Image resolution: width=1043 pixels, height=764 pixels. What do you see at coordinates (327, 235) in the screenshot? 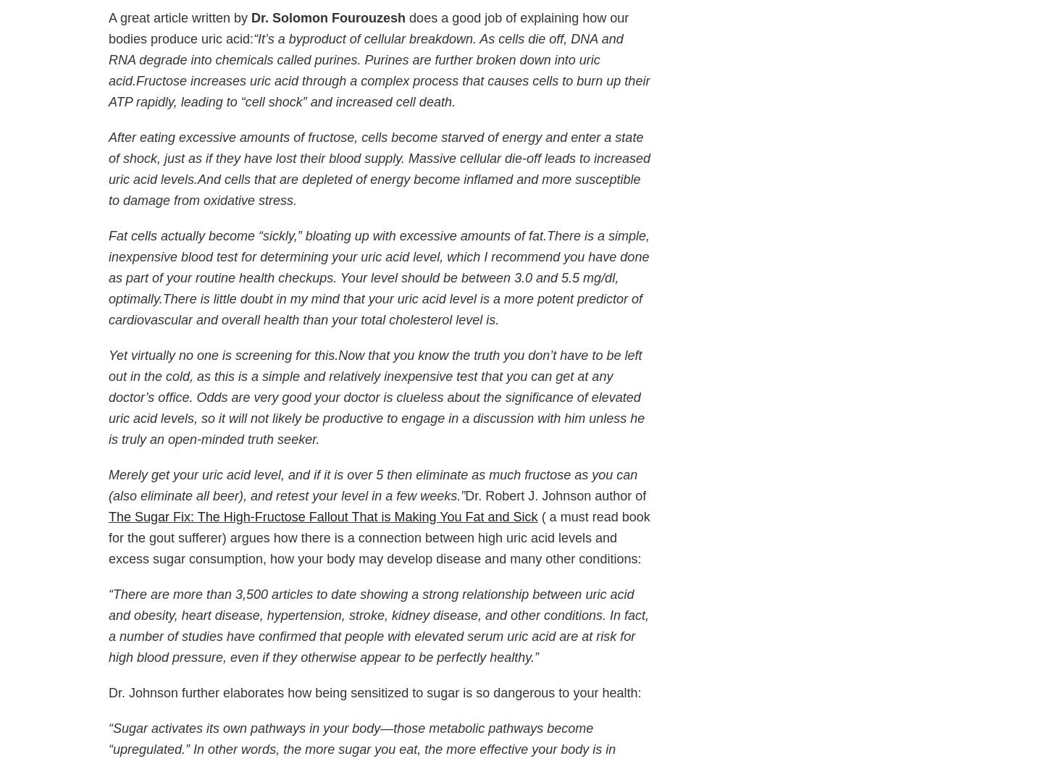
I see `'Fat cells actually become “sickly,” bloating up with excessive amounts of fat.'` at bounding box center [327, 235].